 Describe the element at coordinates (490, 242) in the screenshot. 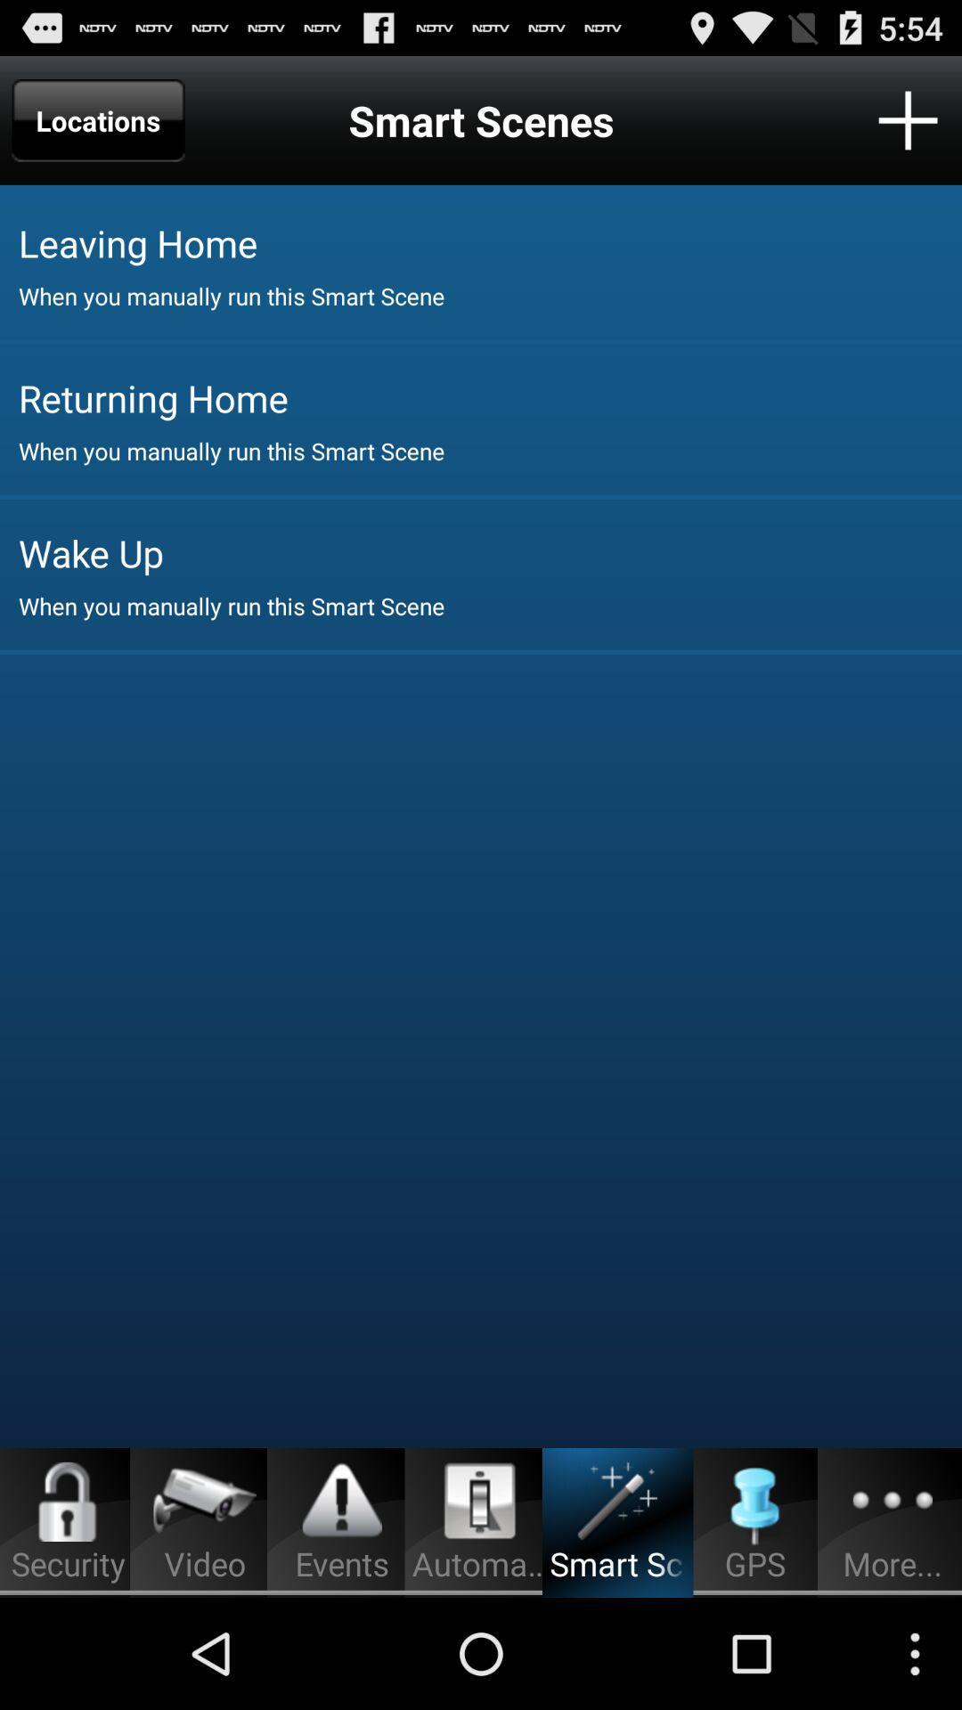

I see `the leaving home app` at that location.